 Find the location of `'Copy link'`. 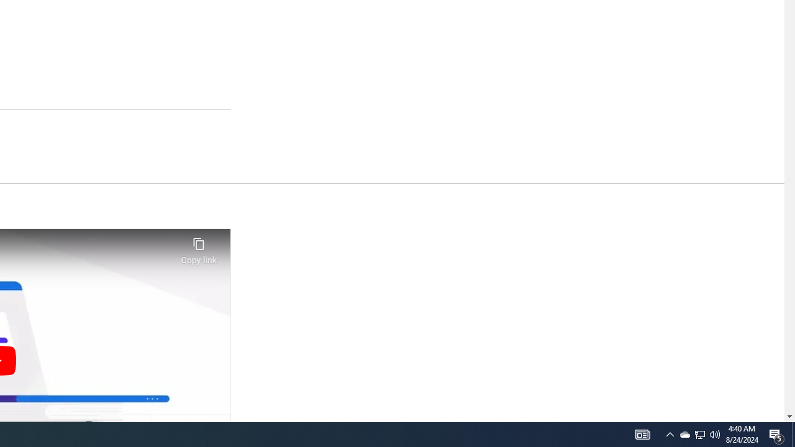

'Copy link' is located at coordinates (199, 247).